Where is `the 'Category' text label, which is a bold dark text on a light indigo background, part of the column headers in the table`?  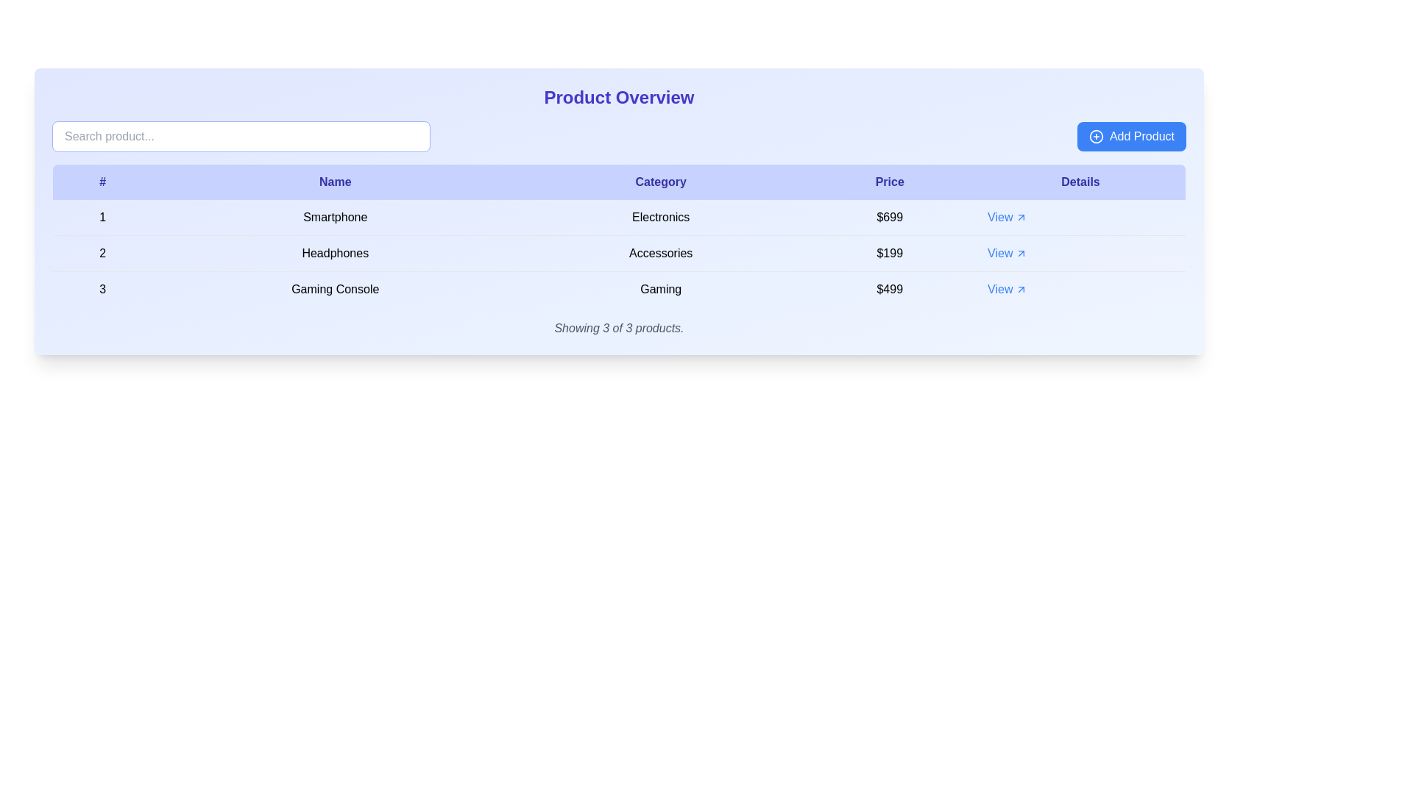
the 'Category' text label, which is a bold dark text on a light indigo background, part of the column headers in the table is located at coordinates (660, 181).